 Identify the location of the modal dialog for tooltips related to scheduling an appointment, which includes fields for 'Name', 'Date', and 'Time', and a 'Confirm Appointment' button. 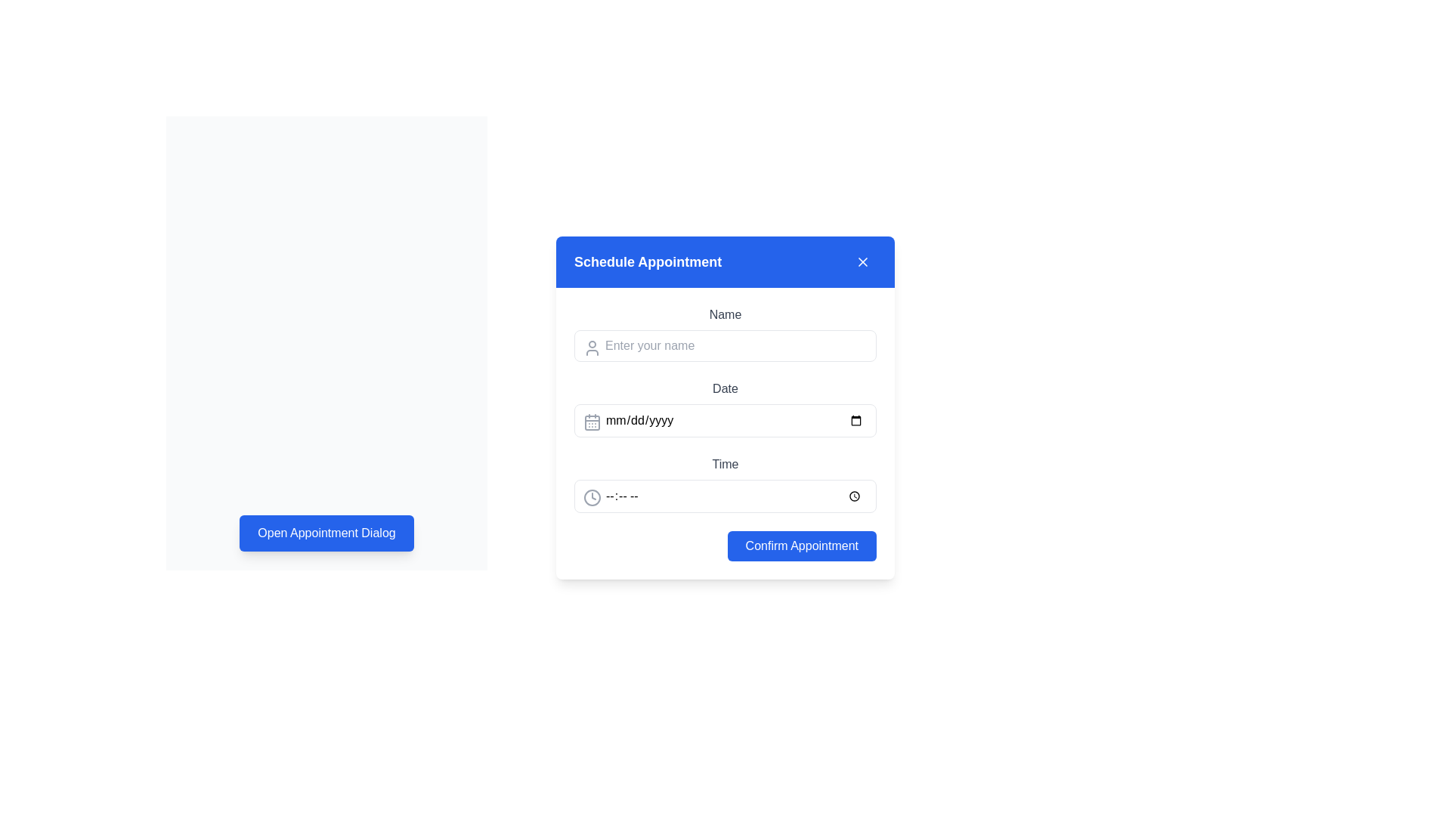
(725, 408).